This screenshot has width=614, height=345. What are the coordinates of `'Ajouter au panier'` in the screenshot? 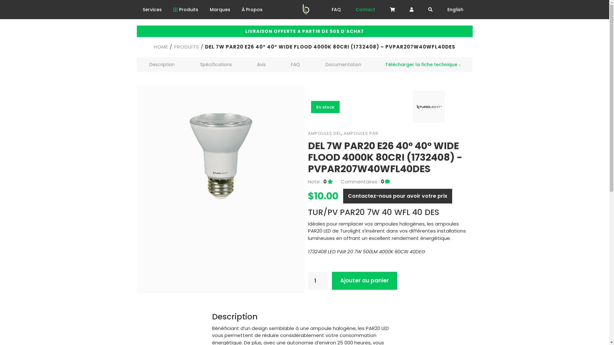 It's located at (365, 280).